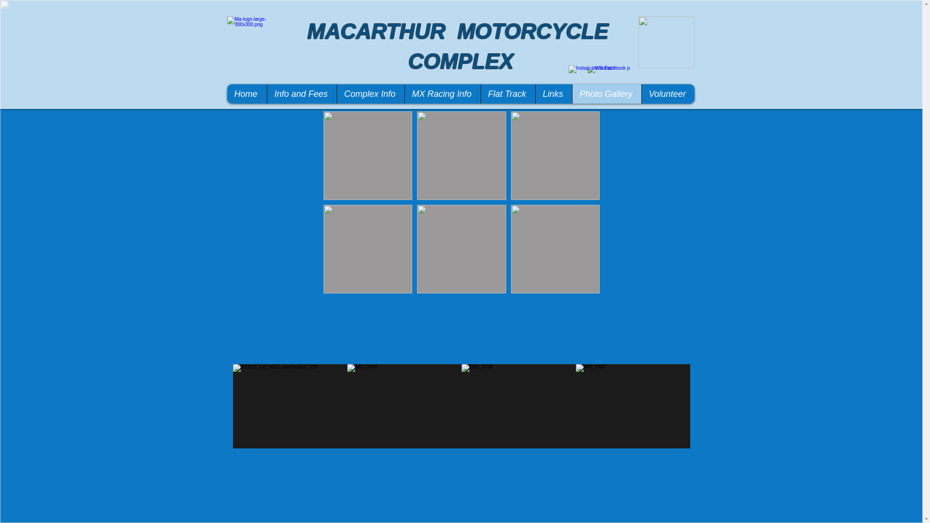 The image size is (930, 523). What do you see at coordinates (404, 93) in the screenshot?
I see `'MX Racing Info'` at bounding box center [404, 93].